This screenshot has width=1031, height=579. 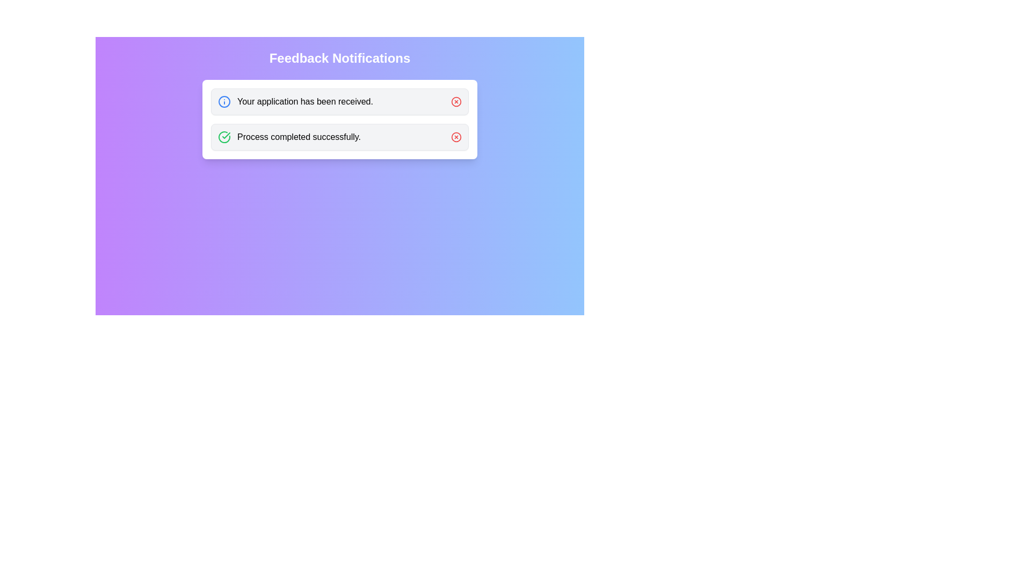 I want to click on the Circle element within the SVG graphic, which is located next to the text 'Your application has been received.' in the top notification card, so click(x=223, y=101).